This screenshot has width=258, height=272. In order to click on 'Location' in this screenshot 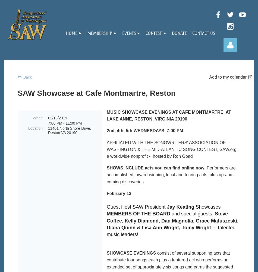, I will do `click(35, 128)`.